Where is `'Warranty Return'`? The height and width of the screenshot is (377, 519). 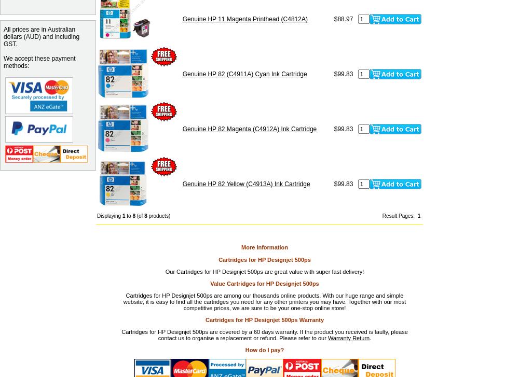 'Warranty Return' is located at coordinates (327, 337).